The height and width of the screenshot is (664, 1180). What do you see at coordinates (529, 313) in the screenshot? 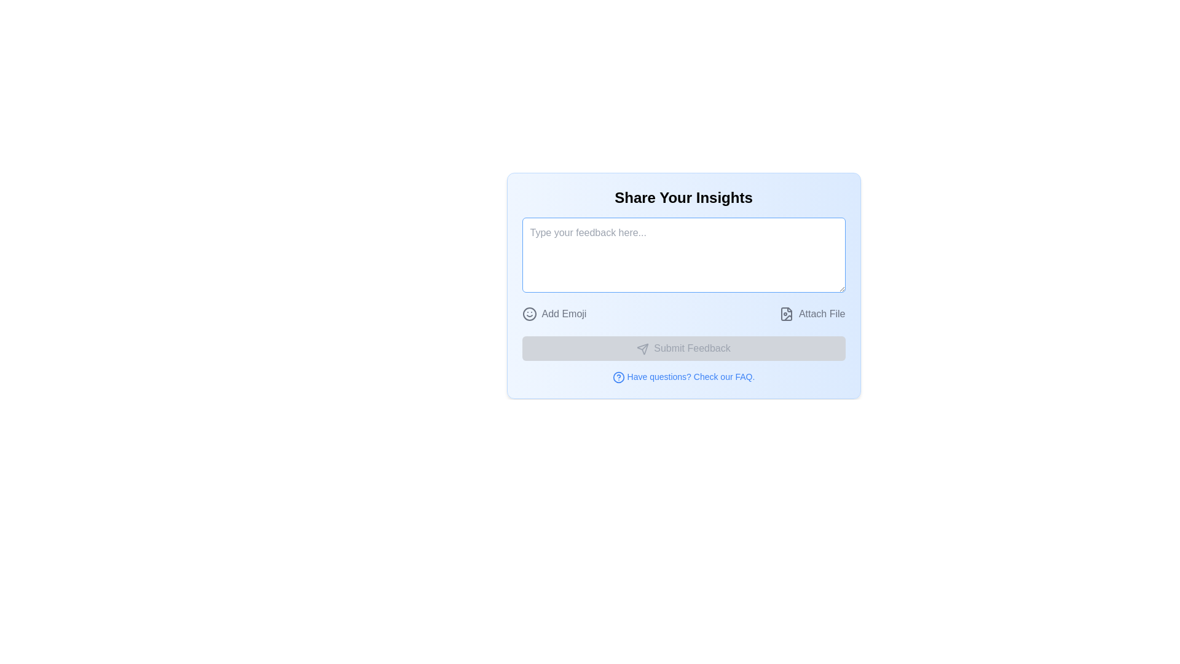
I see `the circular smiley face icon located to the left of the 'Add Emoji' label in the feedback section` at bounding box center [529, 313].